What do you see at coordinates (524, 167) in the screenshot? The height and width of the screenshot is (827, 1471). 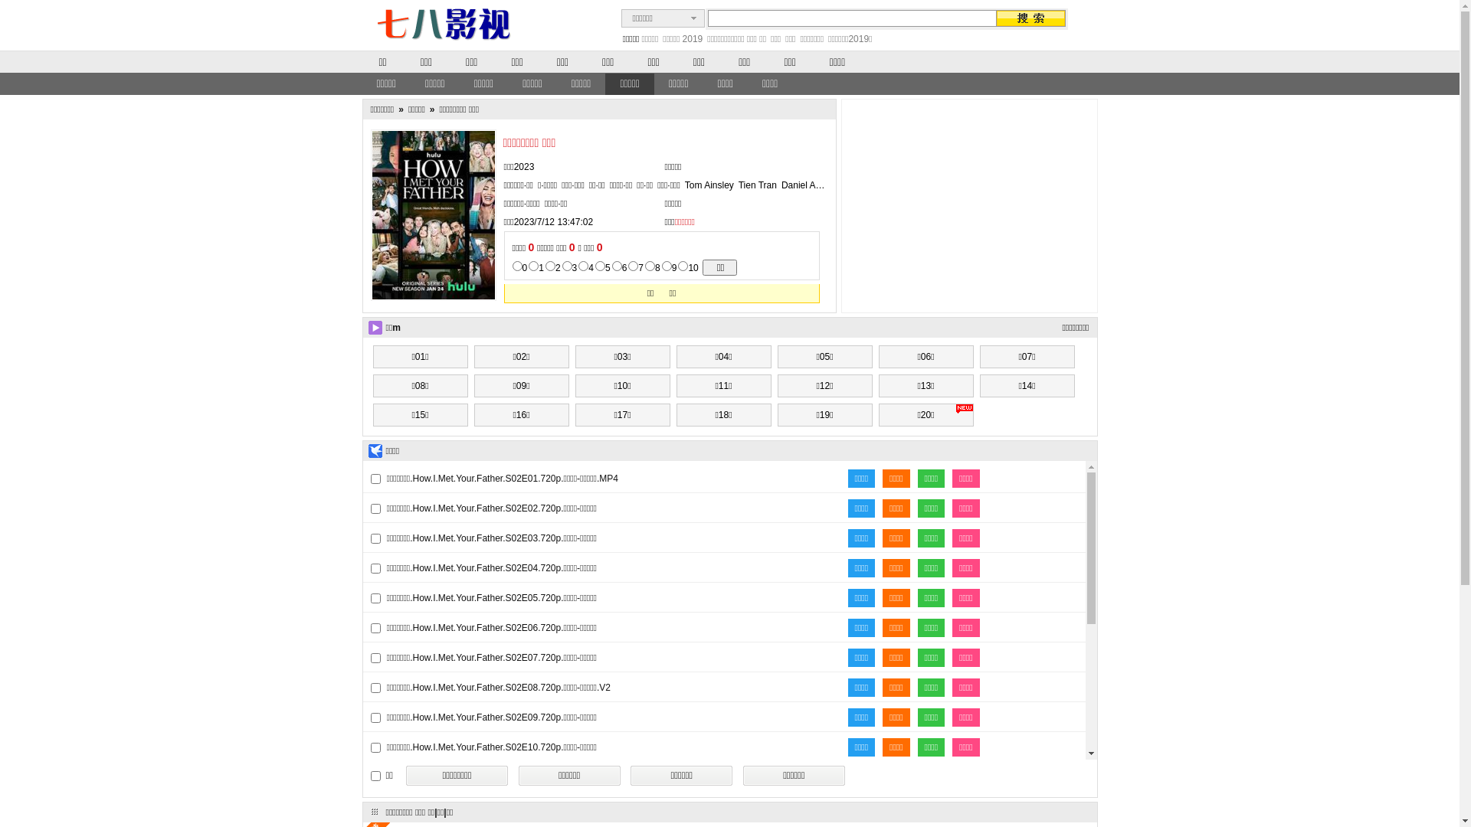 I see `'2023'` at bounding box center [524, 167].